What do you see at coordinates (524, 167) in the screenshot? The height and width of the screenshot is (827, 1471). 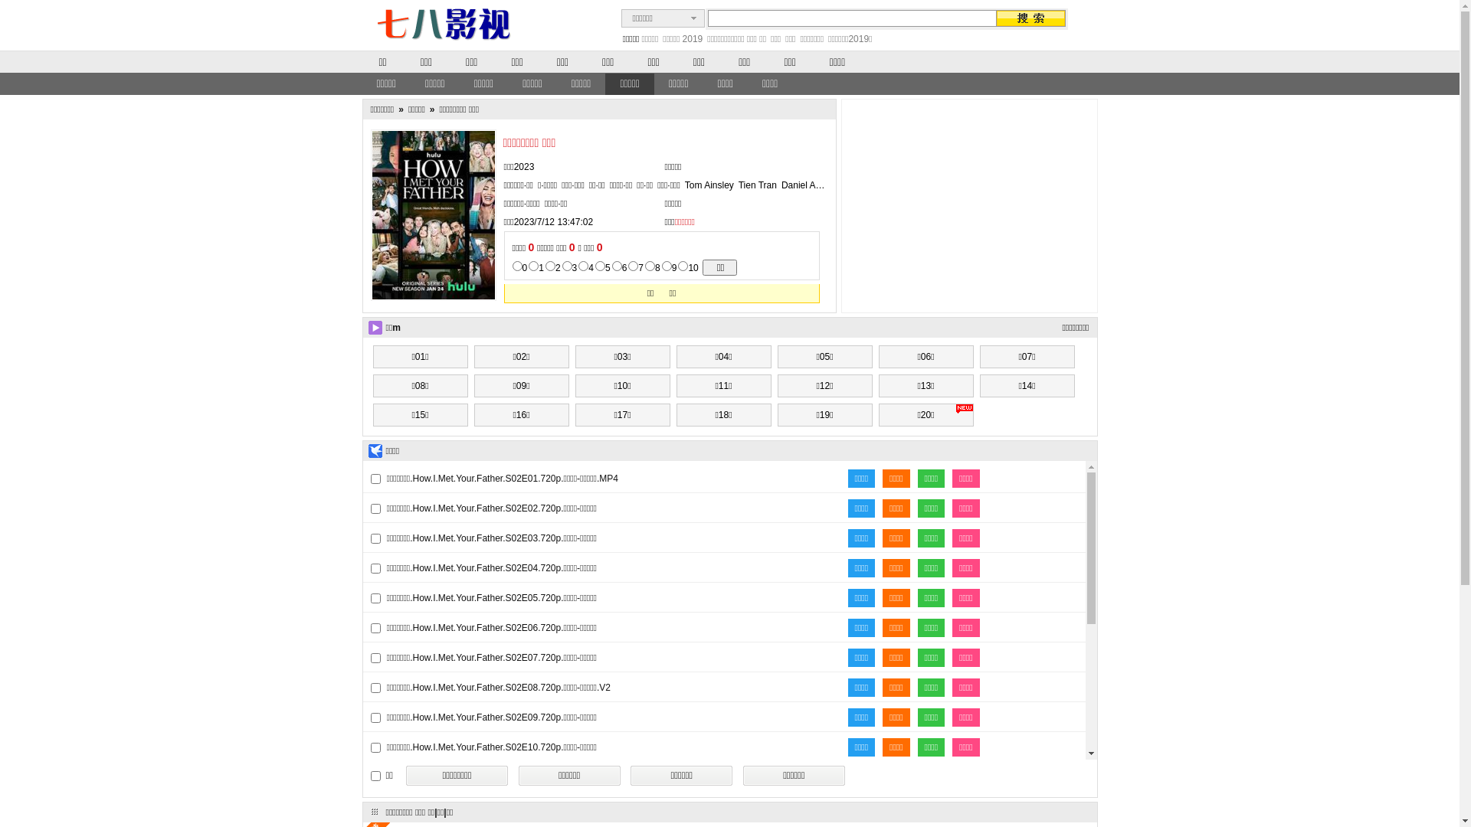 I see `'2023'` at bounding box center [524, 167].